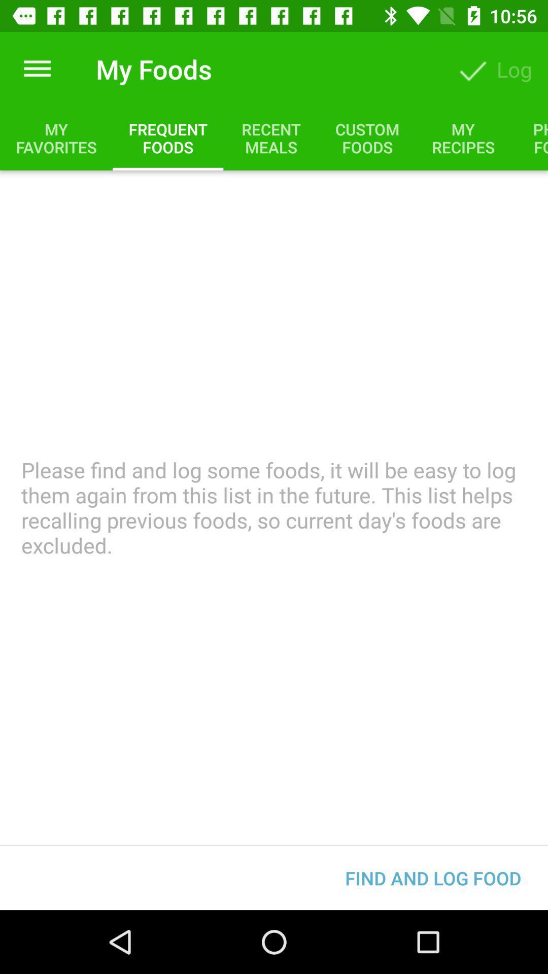 The image size is (548, 974). Describe the element at coordinates (37, 68) in the screenshot. I see `item above my` at that location.